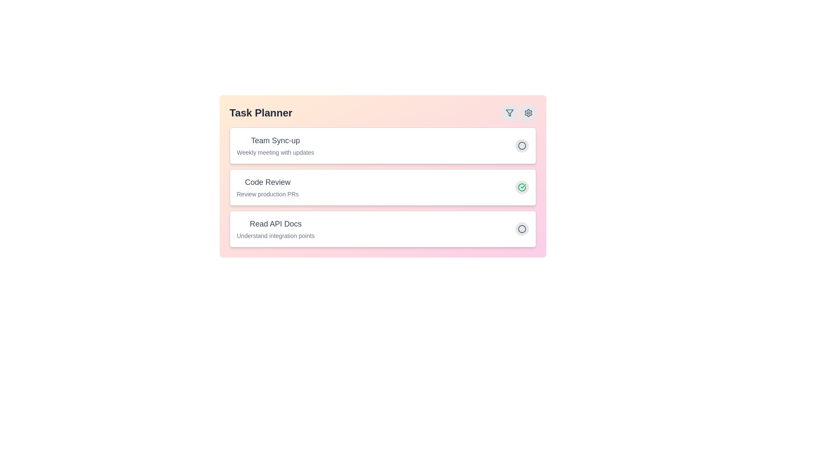 Image resolution: width=817 pixels, height=459 pixels. What do you see at coordinates (509, 113) in the screenshot?
I see `the filter button to apply filters to the task list` at bounding box center [509, 113].